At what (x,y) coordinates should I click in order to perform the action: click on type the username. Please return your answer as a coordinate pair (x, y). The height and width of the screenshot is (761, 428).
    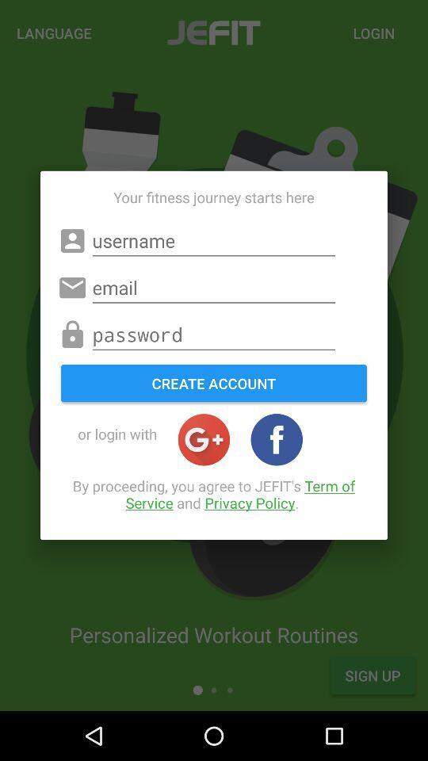
    Looking at the image, I should click on (214, 241).